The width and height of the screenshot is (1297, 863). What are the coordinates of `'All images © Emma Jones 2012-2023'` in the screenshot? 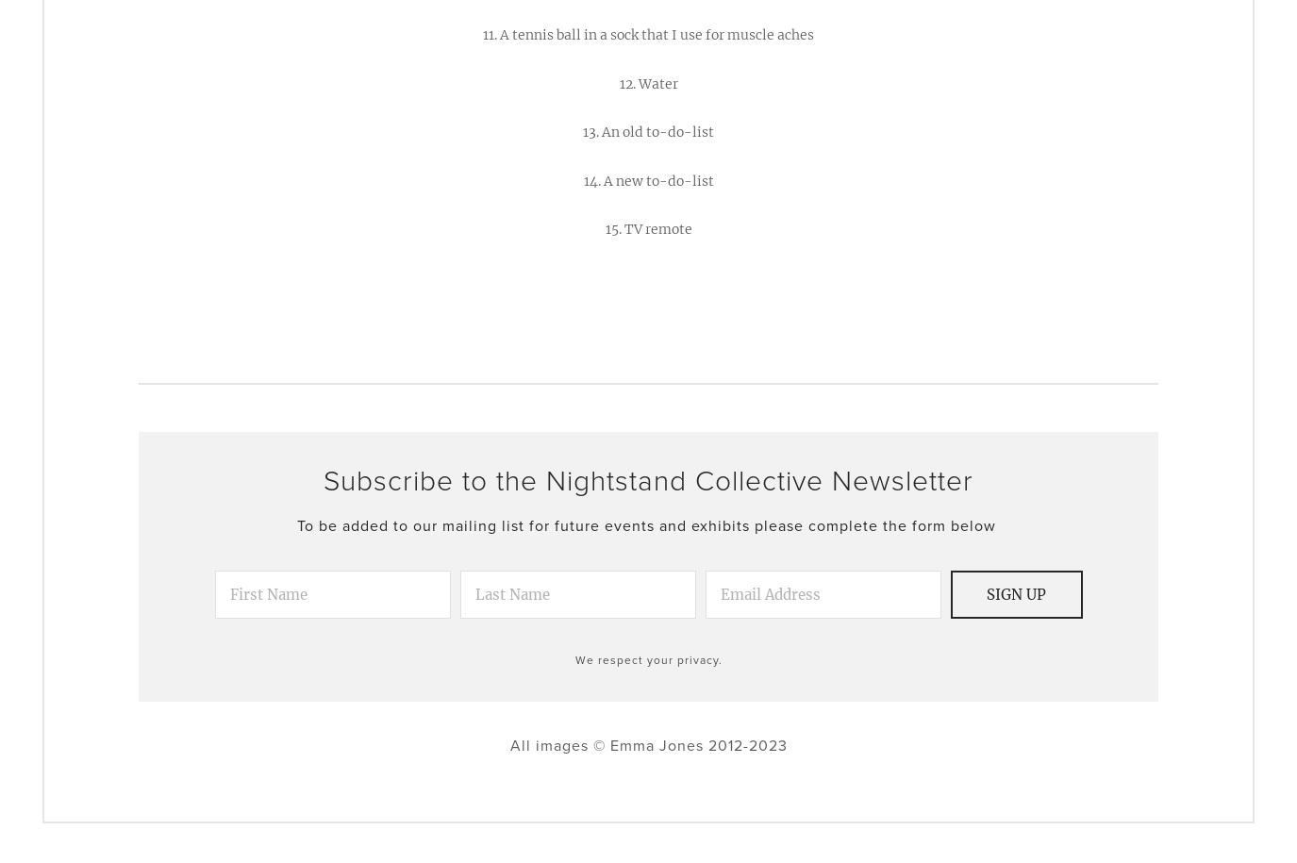 It's located at (646, 744).